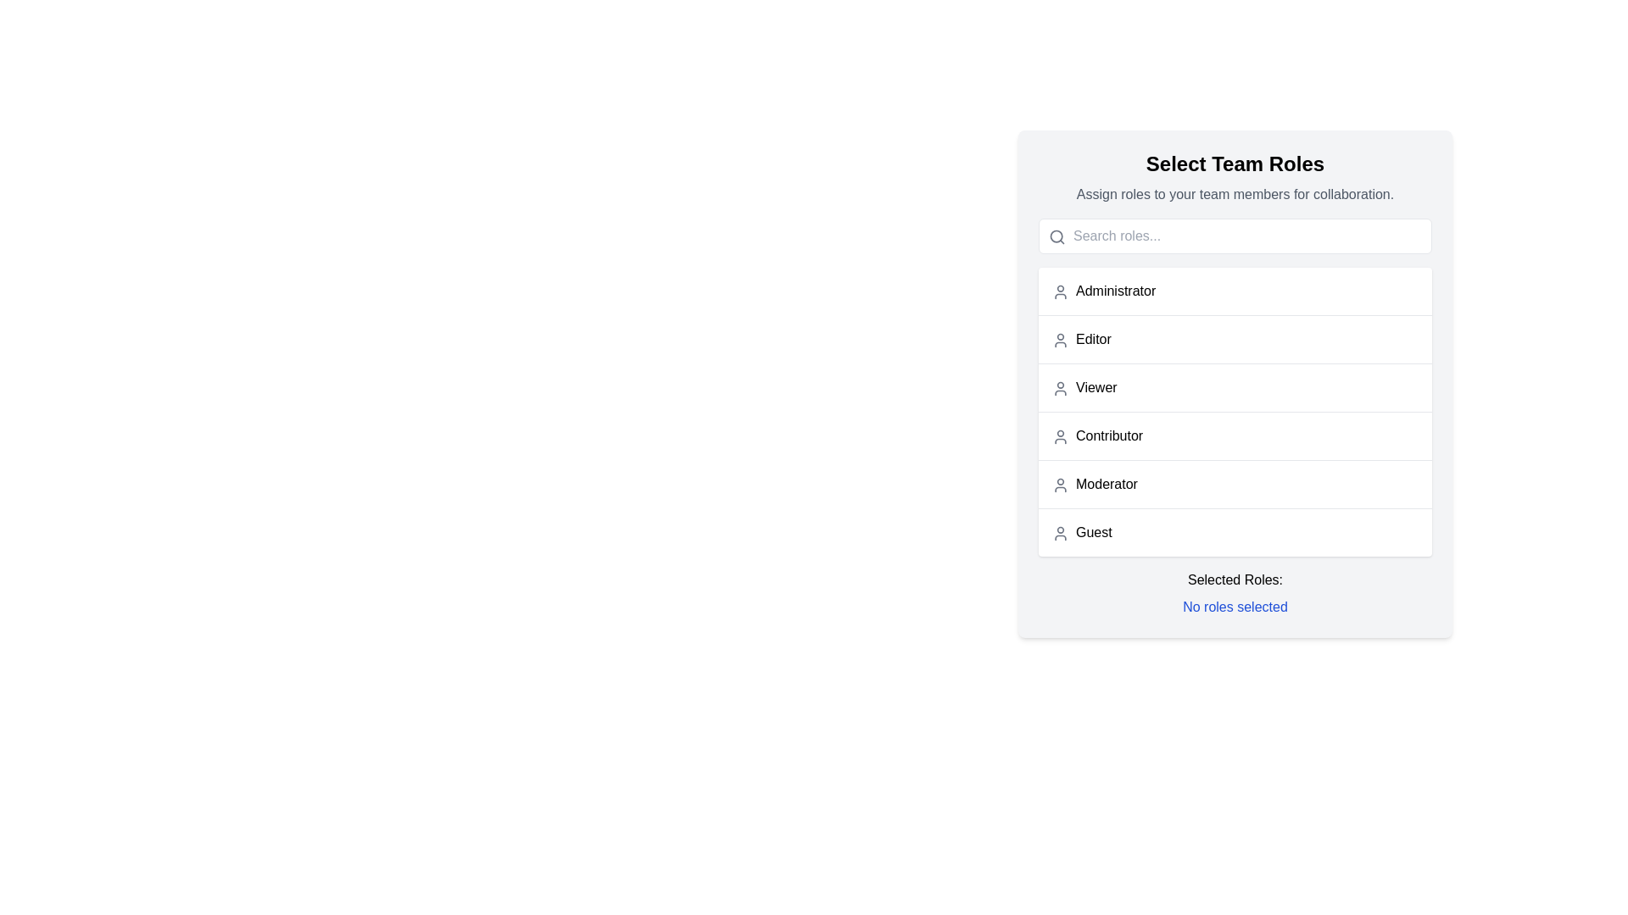 The image size is (1628, 915). Describe the element at coordinates (1057, 237) in the screenshot. I see `the gray magnifying glass search icon located in the left corner of the text input field labeled 'Search roles...' to focus on the text input field` at that location.